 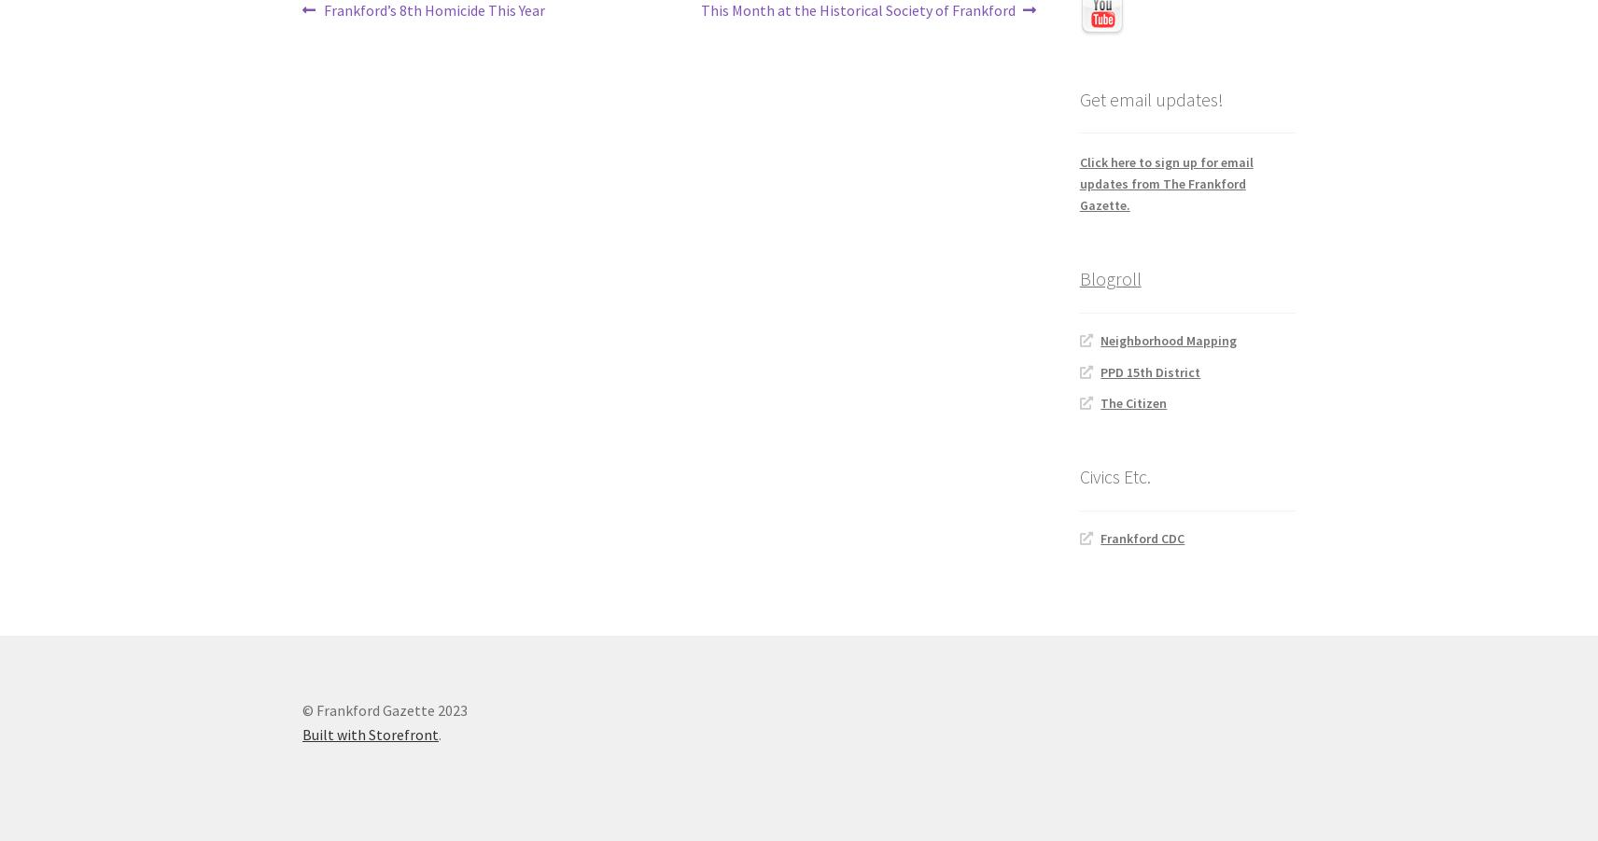 I want to click on 'Blogroll', so click(x=1078, y=278).